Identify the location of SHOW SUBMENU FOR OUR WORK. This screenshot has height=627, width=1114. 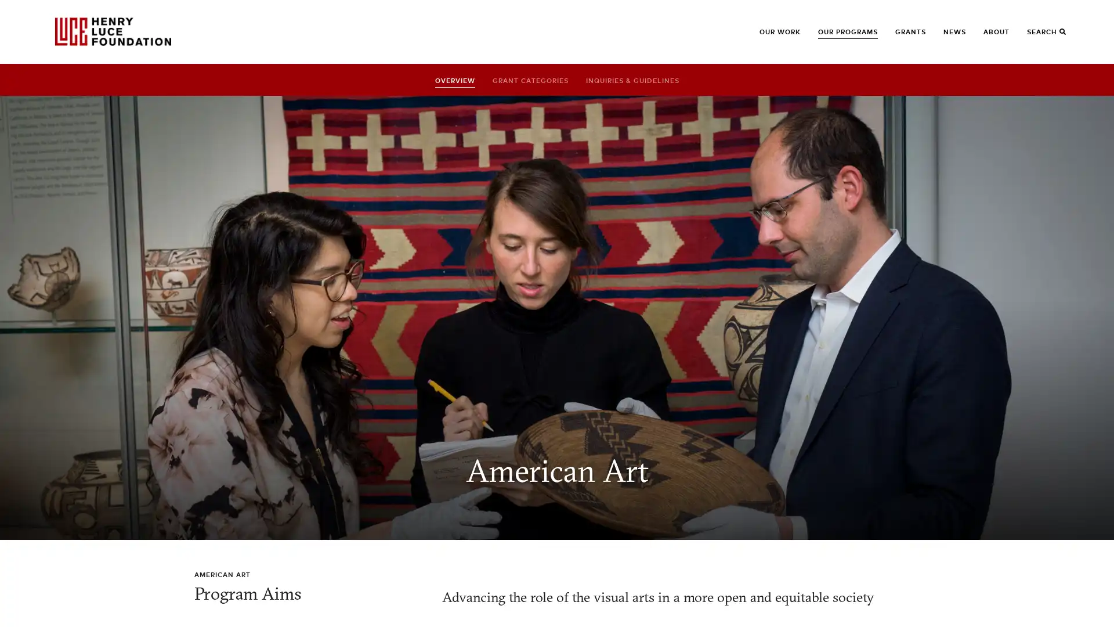
(777, 37).